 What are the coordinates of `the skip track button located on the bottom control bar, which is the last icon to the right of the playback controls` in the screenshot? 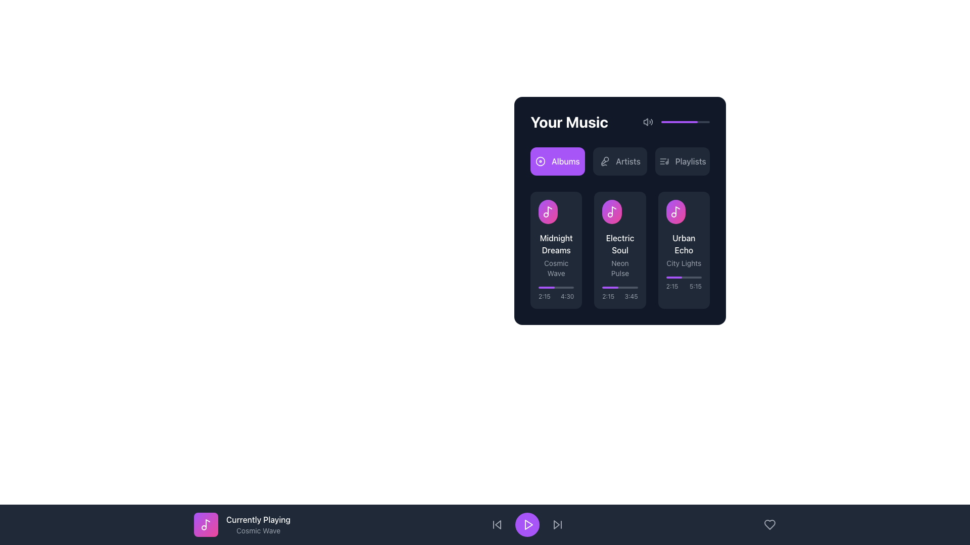 It's located at (557, 524).